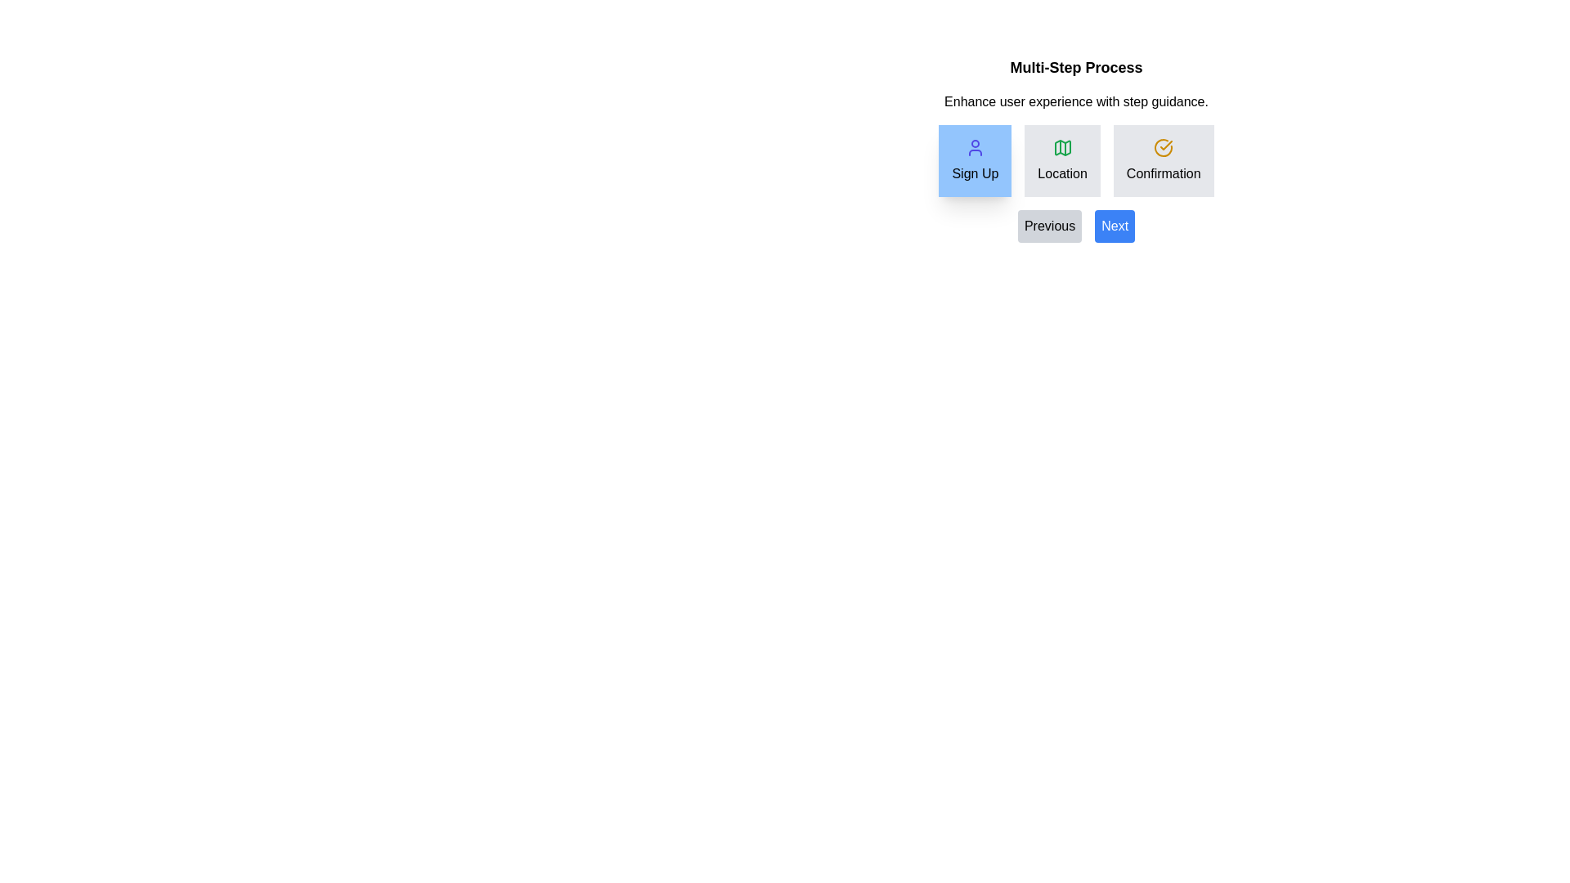 The height and width of the screenshot is (883, 1570). What do you see at coordinates (1076, 67) in the screenshot?
I see `the 'Multi-Step Process' text label, which is styled with a bold and slightly larger font, positioned at the top of the layout` at bounding box center [1076, 67].